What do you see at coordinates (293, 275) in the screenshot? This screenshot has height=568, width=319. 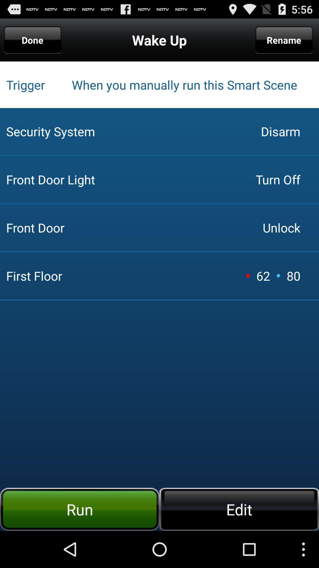 I see `the 80 icon` at bounding box center [293, 275].